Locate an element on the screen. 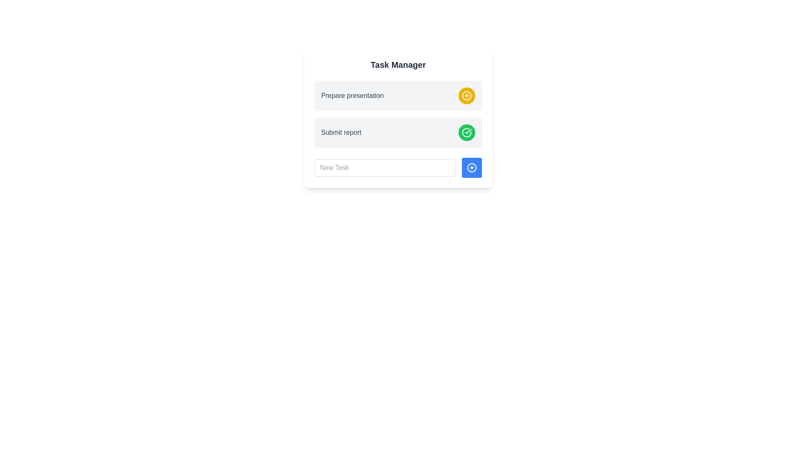 This screenshot has width=804, height=452. the 'add' button located at the right end of the horizontal layout below the task list is located at coordinates (472, 168).